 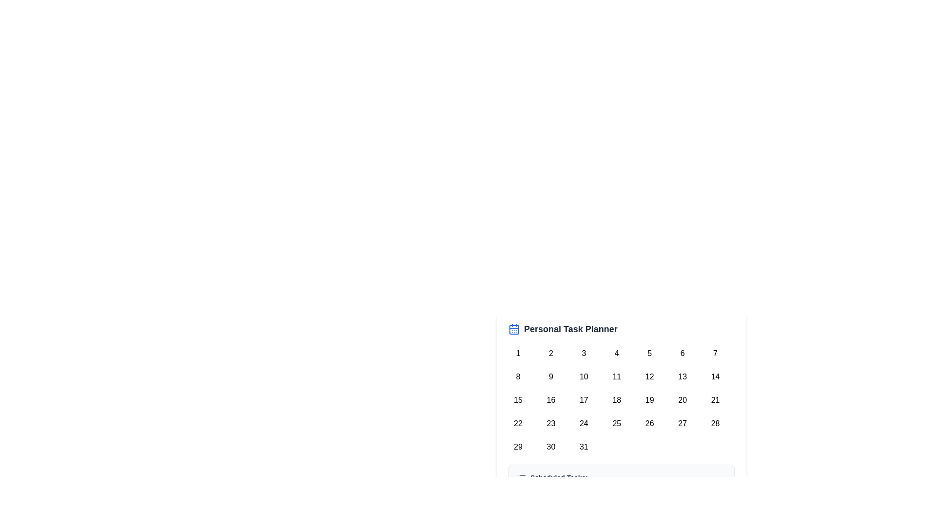 What do you see at coordinates (584, 376) in the screenshot?
I see `the selectable day button representing the 10th day in the calendar view` at bounding box center [584, 376].